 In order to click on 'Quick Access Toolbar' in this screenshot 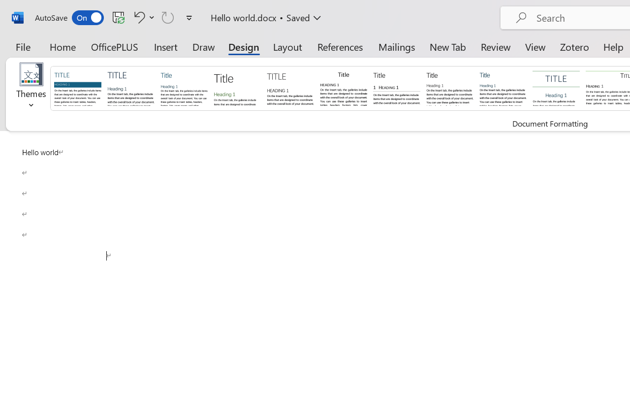, I will do `click(115, 17)`.